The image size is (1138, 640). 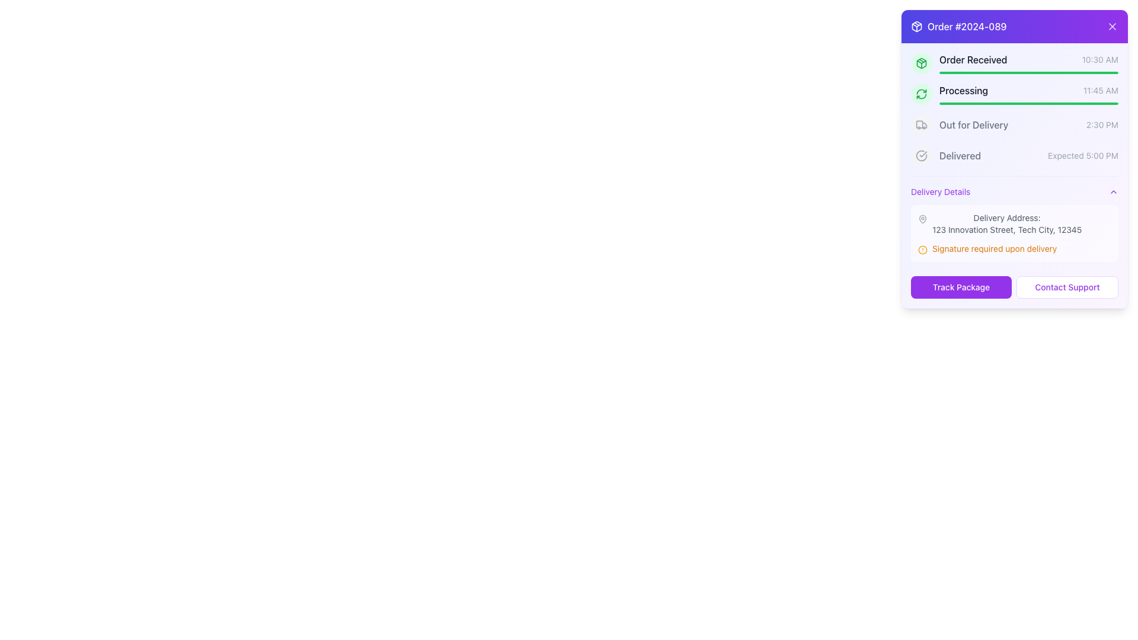 I want to click on the text label indicating the delivery address, positioned in the delivery details section on the right-hand side of the interface, so click(x=1006, y=217).